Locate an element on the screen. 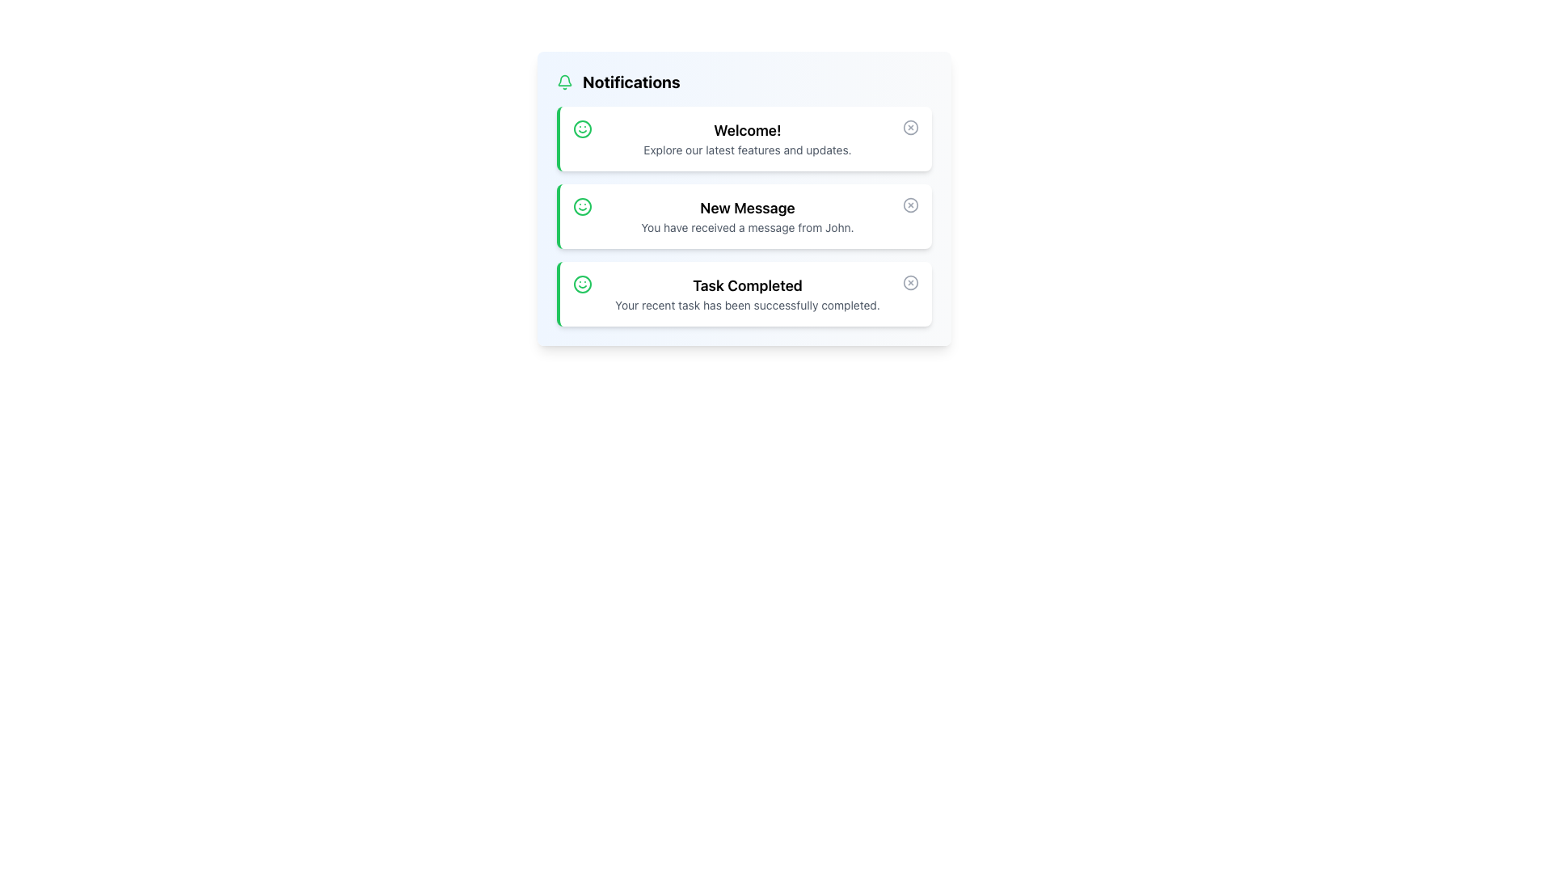  the small circular close button with a cross icon inside, located on the far right side of the third notification box labeled 'Task Completed: Your recent task has been successfully completed.' is located at coordinates (911, 282).